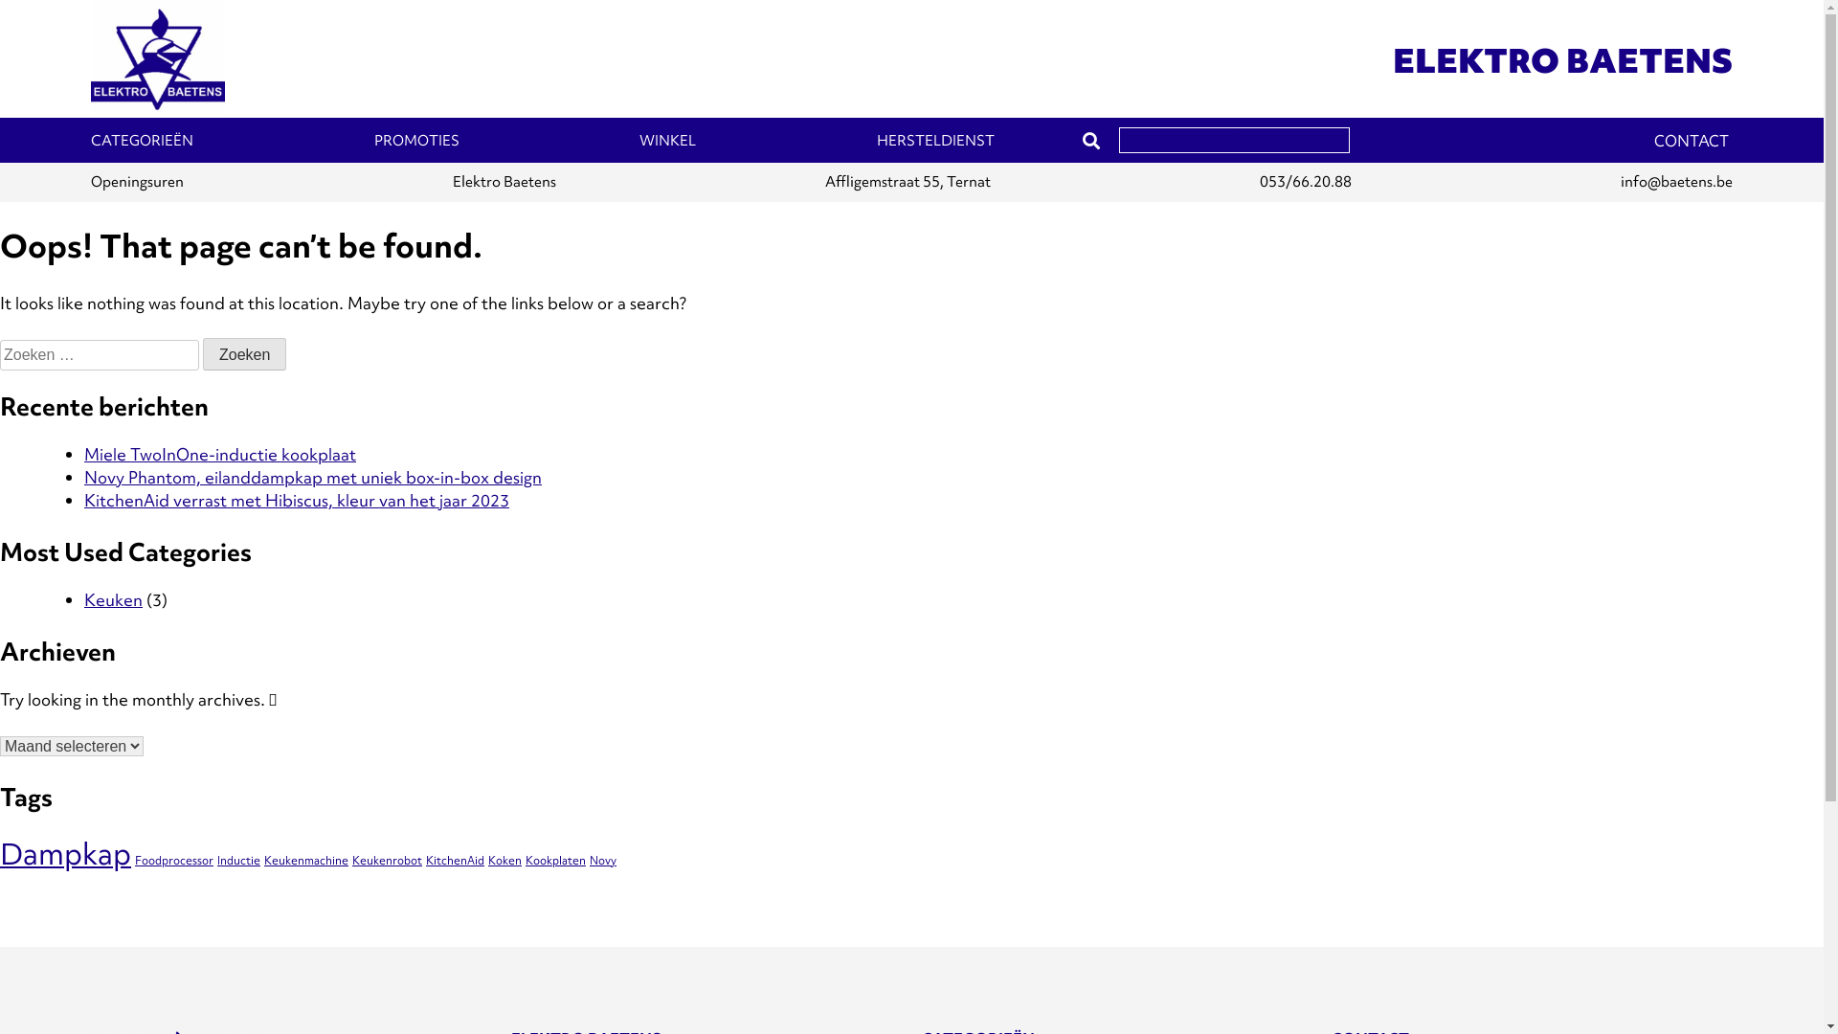  Describe the element at coordinates (935, 139) in the screenshot. I see `'HERSTELDIENST'` at that location.